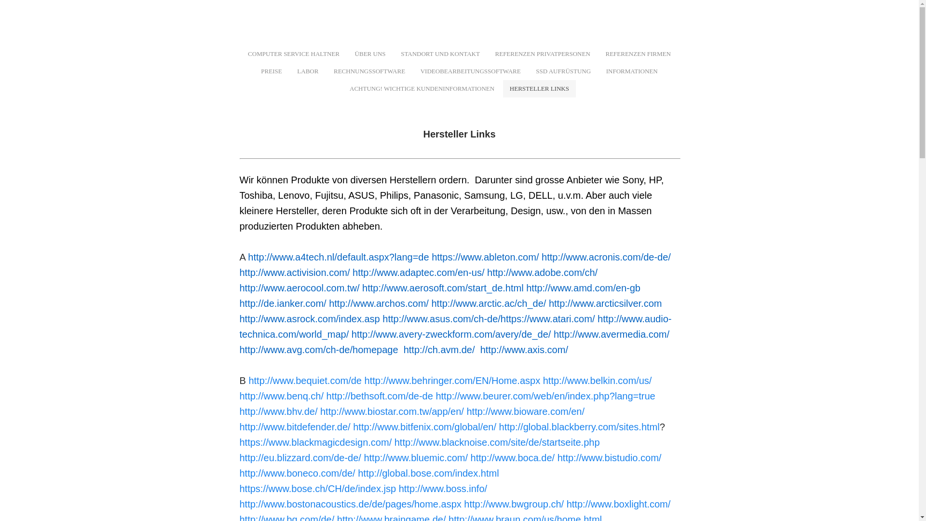 This screenshot has height=521, width=926. Describe the element at coordinates (239, 457) in the screenshot. I see `'http://eu.blizzard.com/de-de/'` at that location.